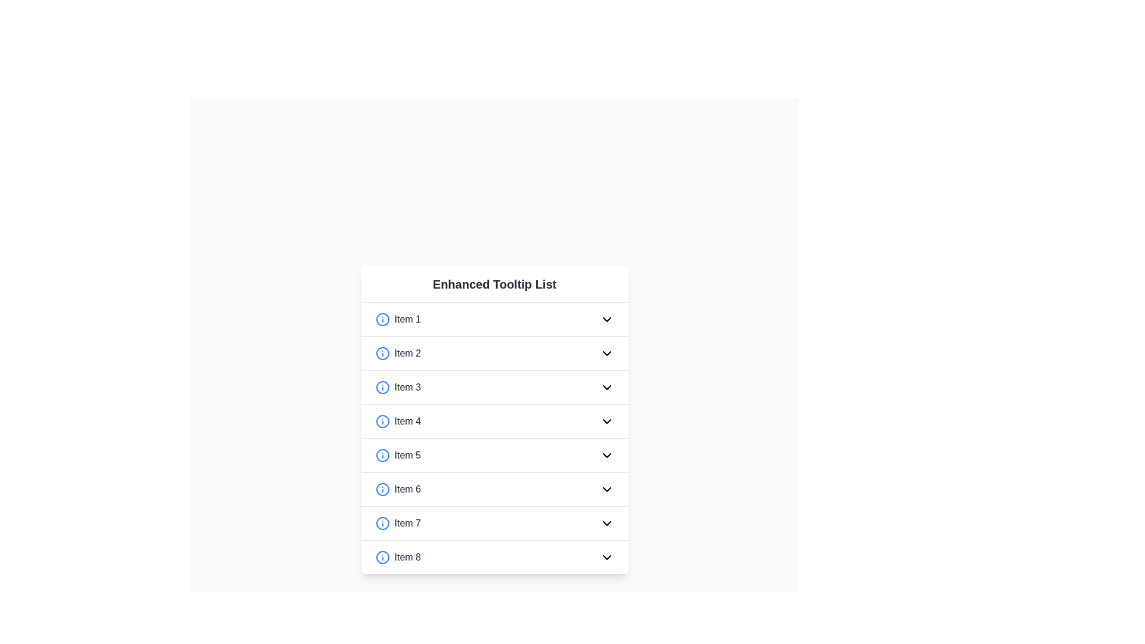  Describe the element at coordinates (494, 420) in the screenshot. I see `the fourth item in the vertical list of selectable items` at that location.